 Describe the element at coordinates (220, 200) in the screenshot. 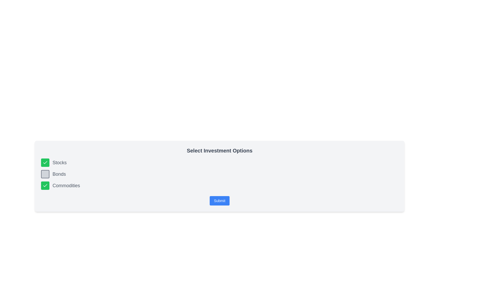

I see `the 'Submit' button with a vivid blue background located at the bottom center of the section` at that location.